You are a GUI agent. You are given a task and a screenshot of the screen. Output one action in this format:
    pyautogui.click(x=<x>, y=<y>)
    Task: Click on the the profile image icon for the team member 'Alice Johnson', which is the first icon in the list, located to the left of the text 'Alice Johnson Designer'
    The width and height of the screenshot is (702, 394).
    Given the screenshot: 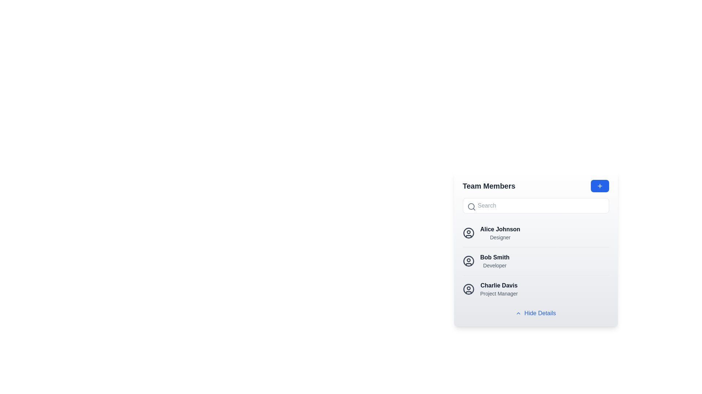 What is the action you would take?
    pyautogui.click(x=468, y=233)
    